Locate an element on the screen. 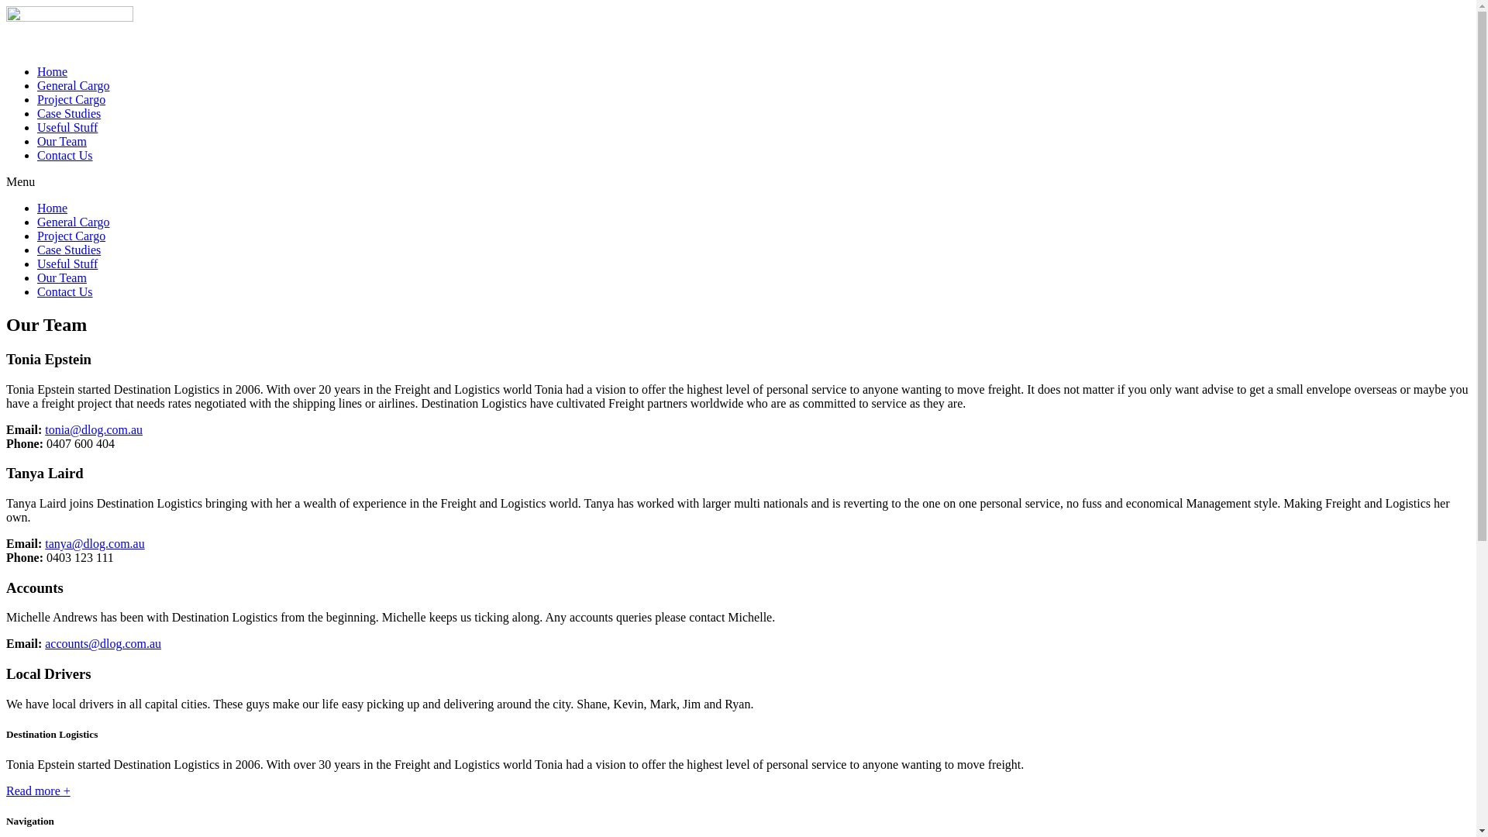 The width and height of the screenshot is (1488, 837). 'Our Team' is located at coordinates (62, 141).